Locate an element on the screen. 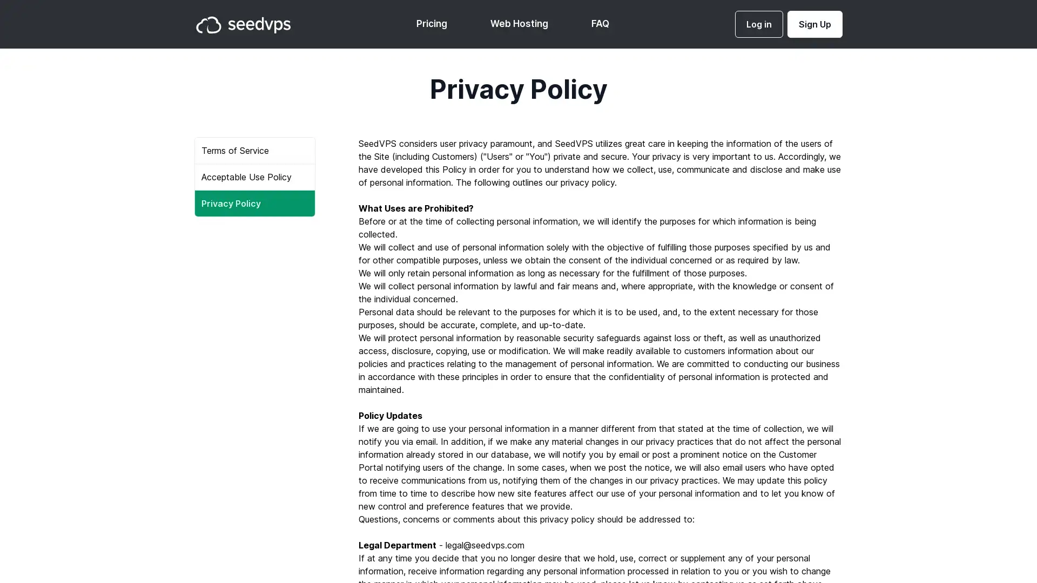  Sign Up is located at coordinates (814, 24).